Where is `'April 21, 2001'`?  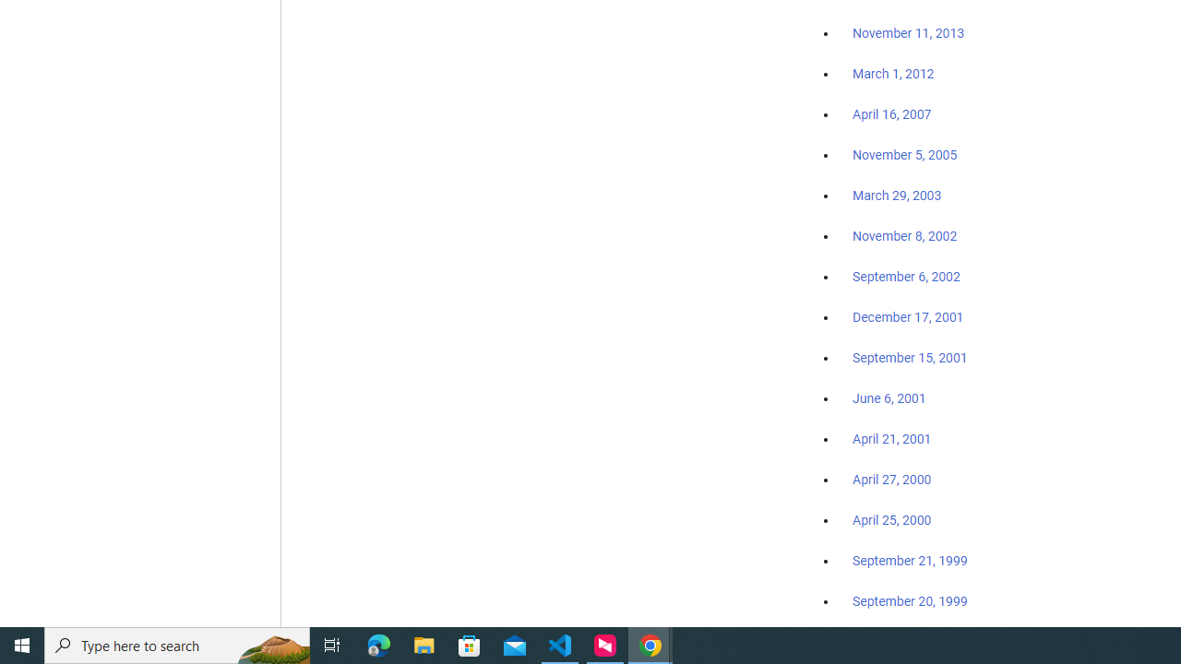 'April 21, 2001' is located at coordinates (892, 439).